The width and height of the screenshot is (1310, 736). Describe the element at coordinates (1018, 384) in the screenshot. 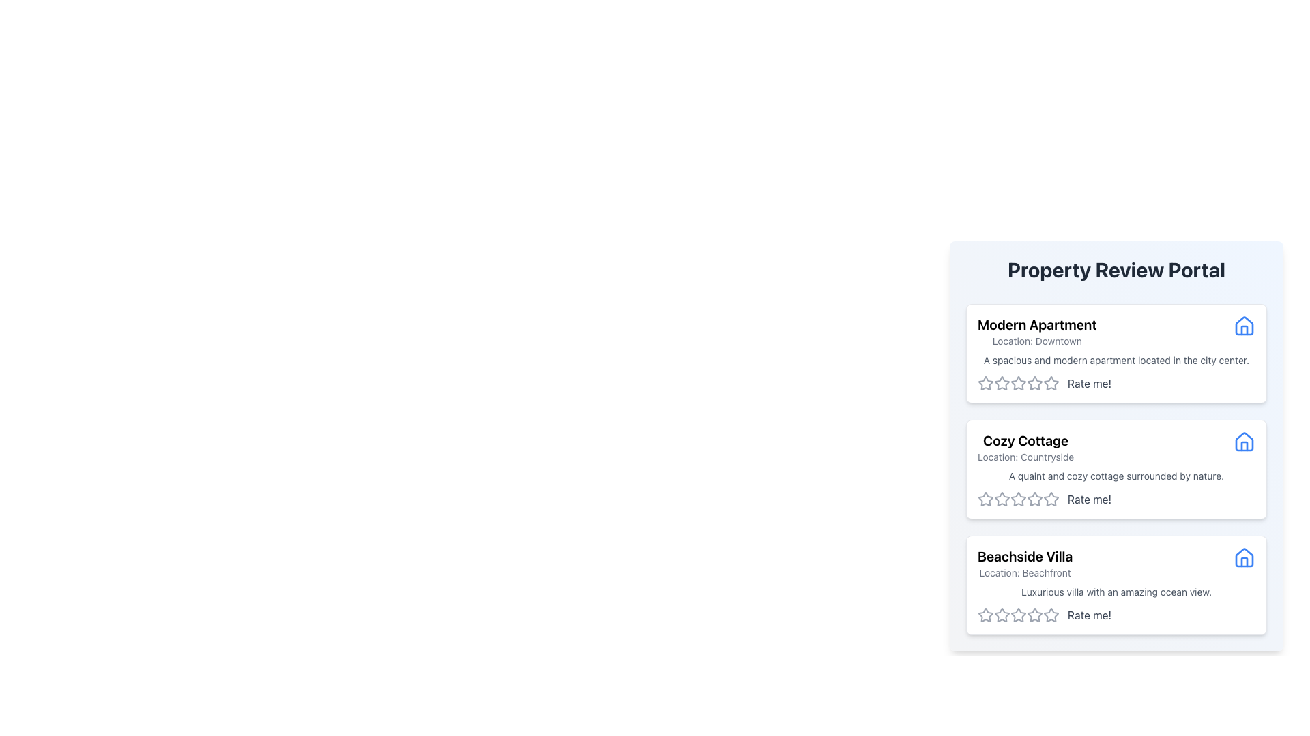

I see `the fourth gray star-shaped Rating Star icon in the rating section of the 'Modern Apartment' card on the 'Property Review Portal'` at that location.